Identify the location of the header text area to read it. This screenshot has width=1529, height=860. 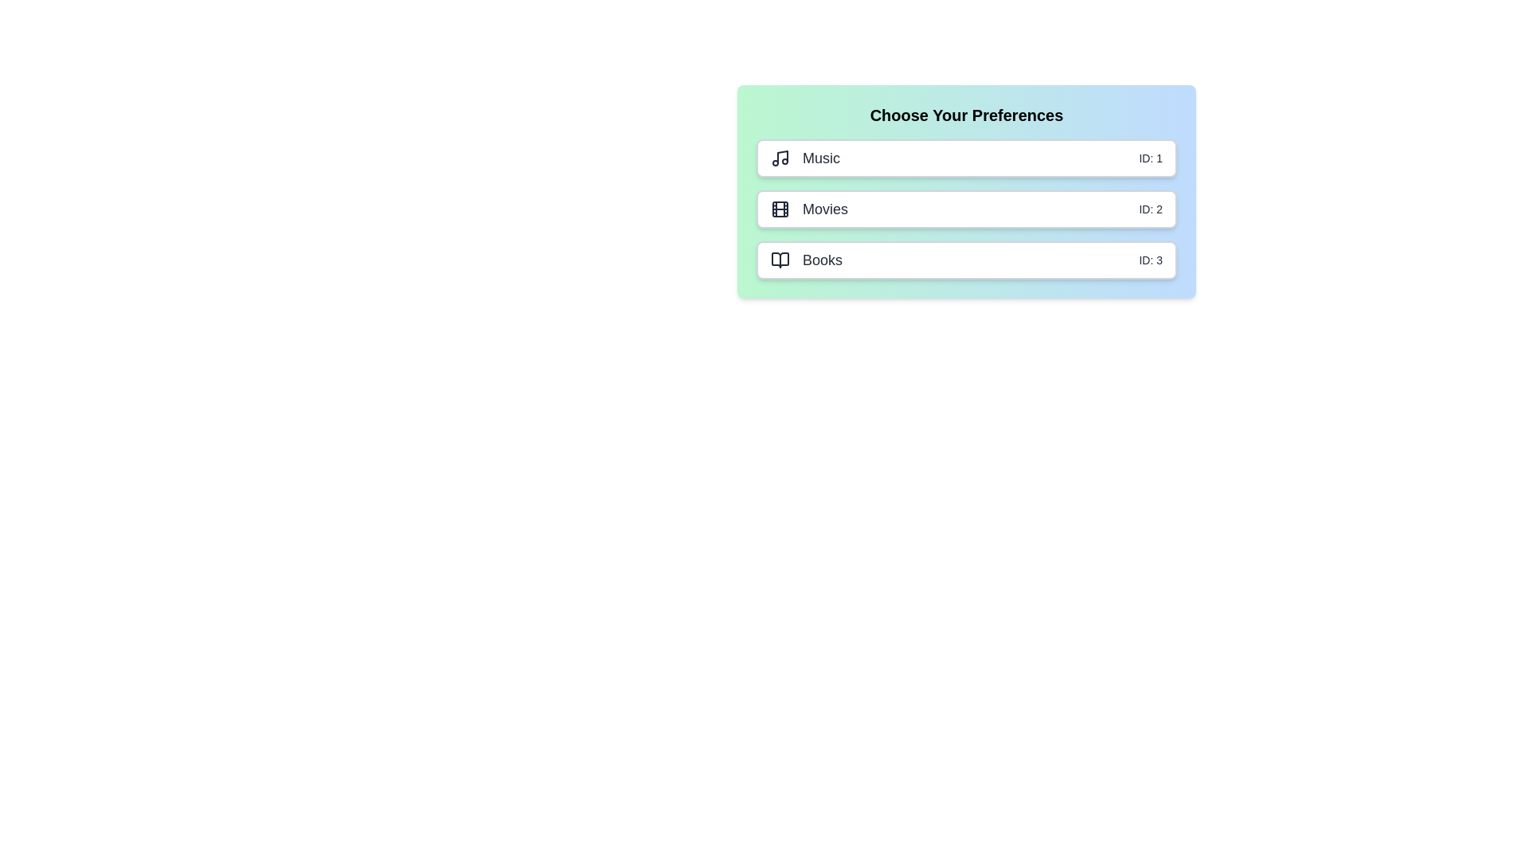
(966, 115).